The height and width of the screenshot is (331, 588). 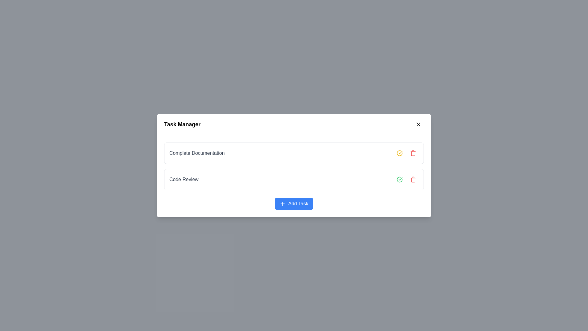 I want to click on the circular yellow icon with a checkmark at its center located in the second row of the task list labeled 'Code Review', immediately to the left of the trash bin icon, so click(x=400, y=152).